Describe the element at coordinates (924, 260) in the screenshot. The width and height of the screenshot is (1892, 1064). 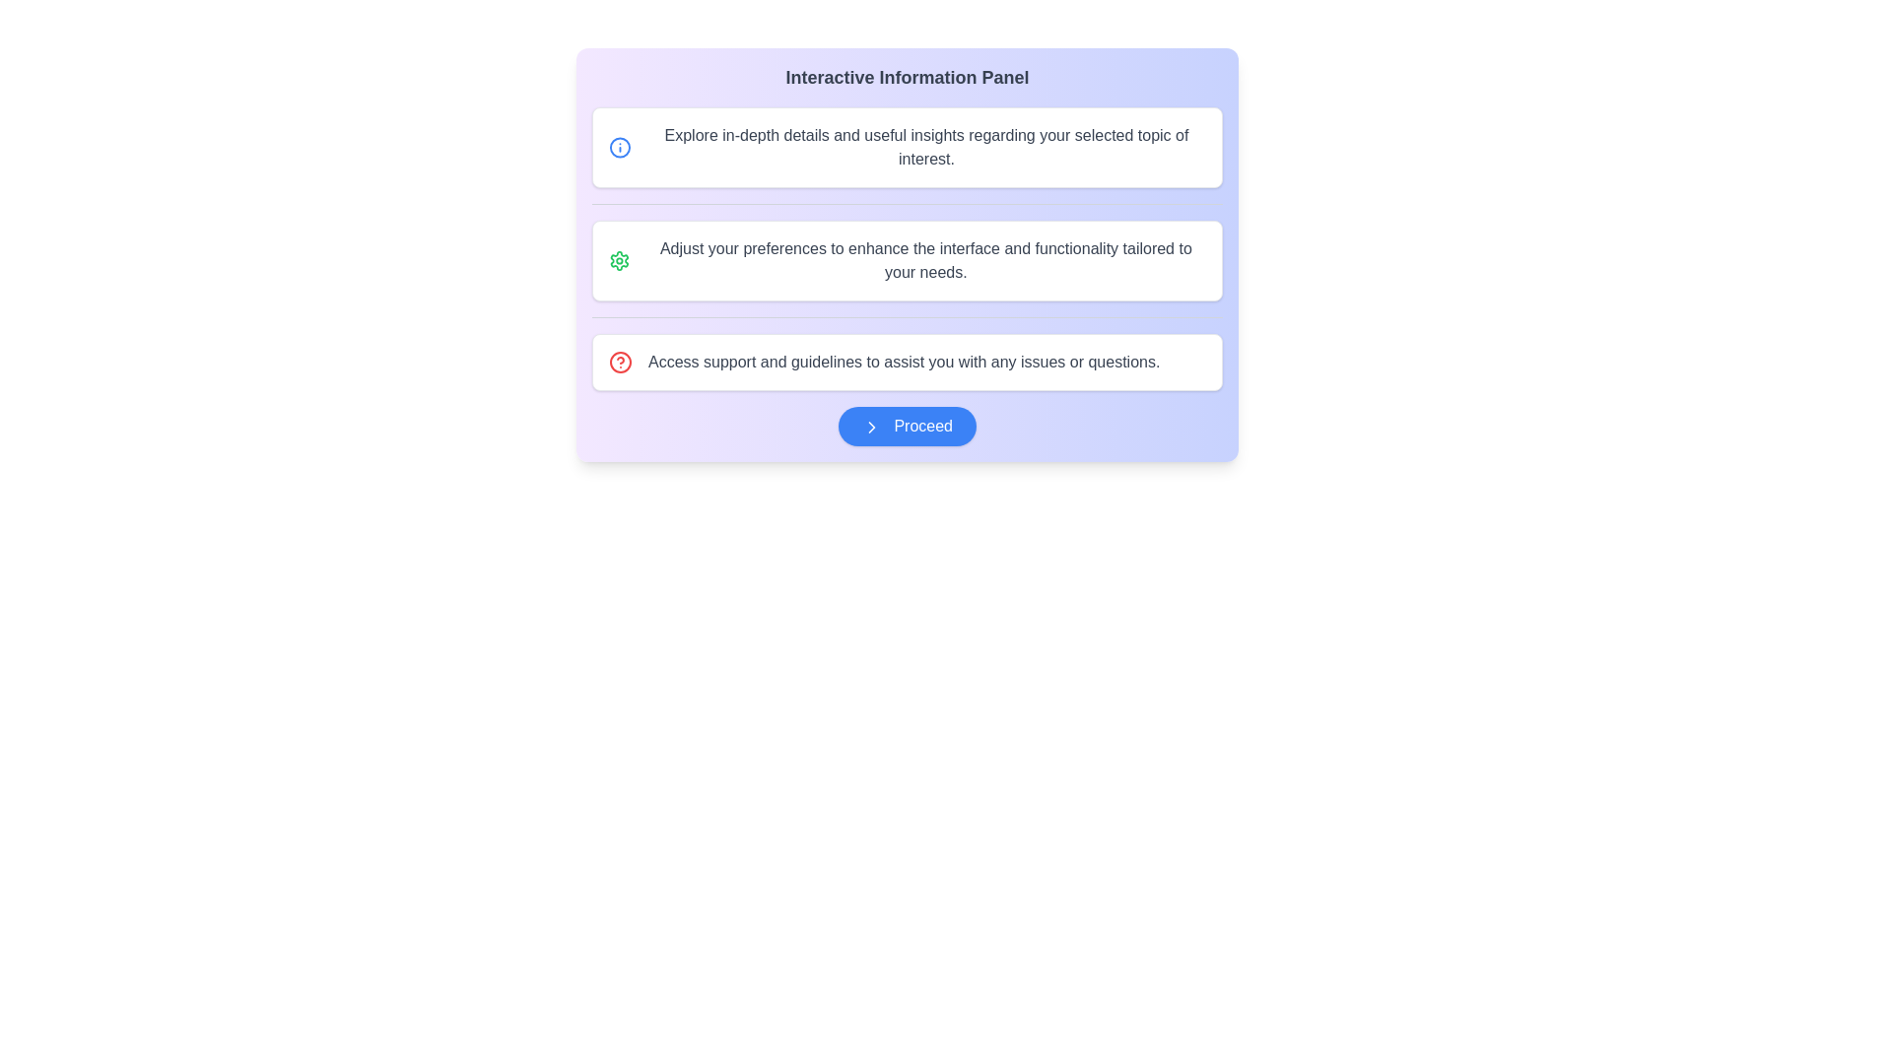
I see `the text block that provides users with guidance or instructions for interface customization, located in the second of three vertical white rectangular containers, with a green icon to the left` at that location.